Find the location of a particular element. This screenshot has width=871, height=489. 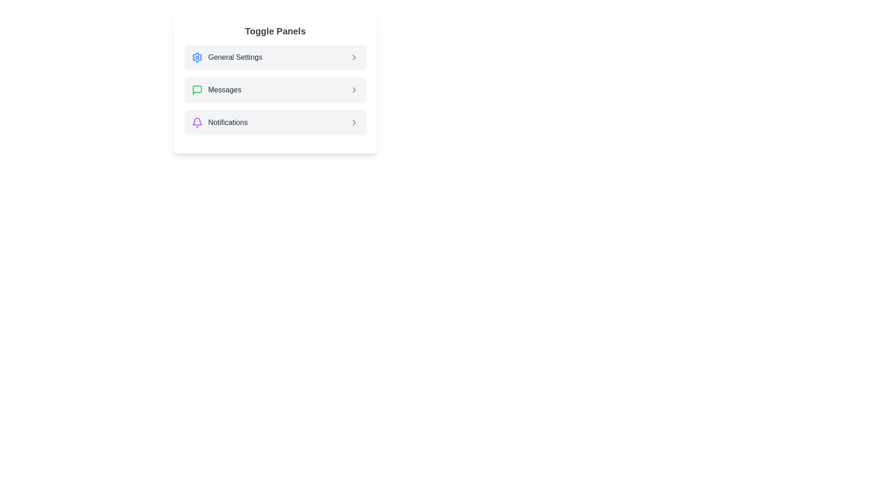

the icon of the panel labeled Notifications is located at coordinates (197, 122).